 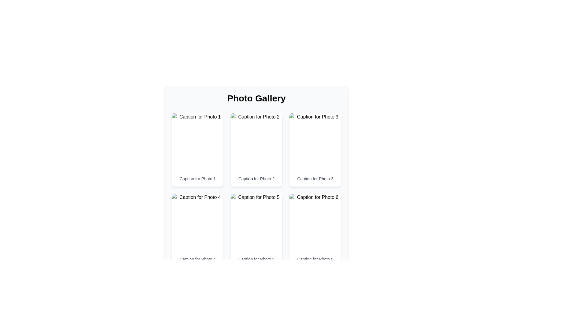 What do you see at coordinates (197, 222) in the screenshot?
I see `the image element displaying 'Photo4'` at bounding box center [197, 222].